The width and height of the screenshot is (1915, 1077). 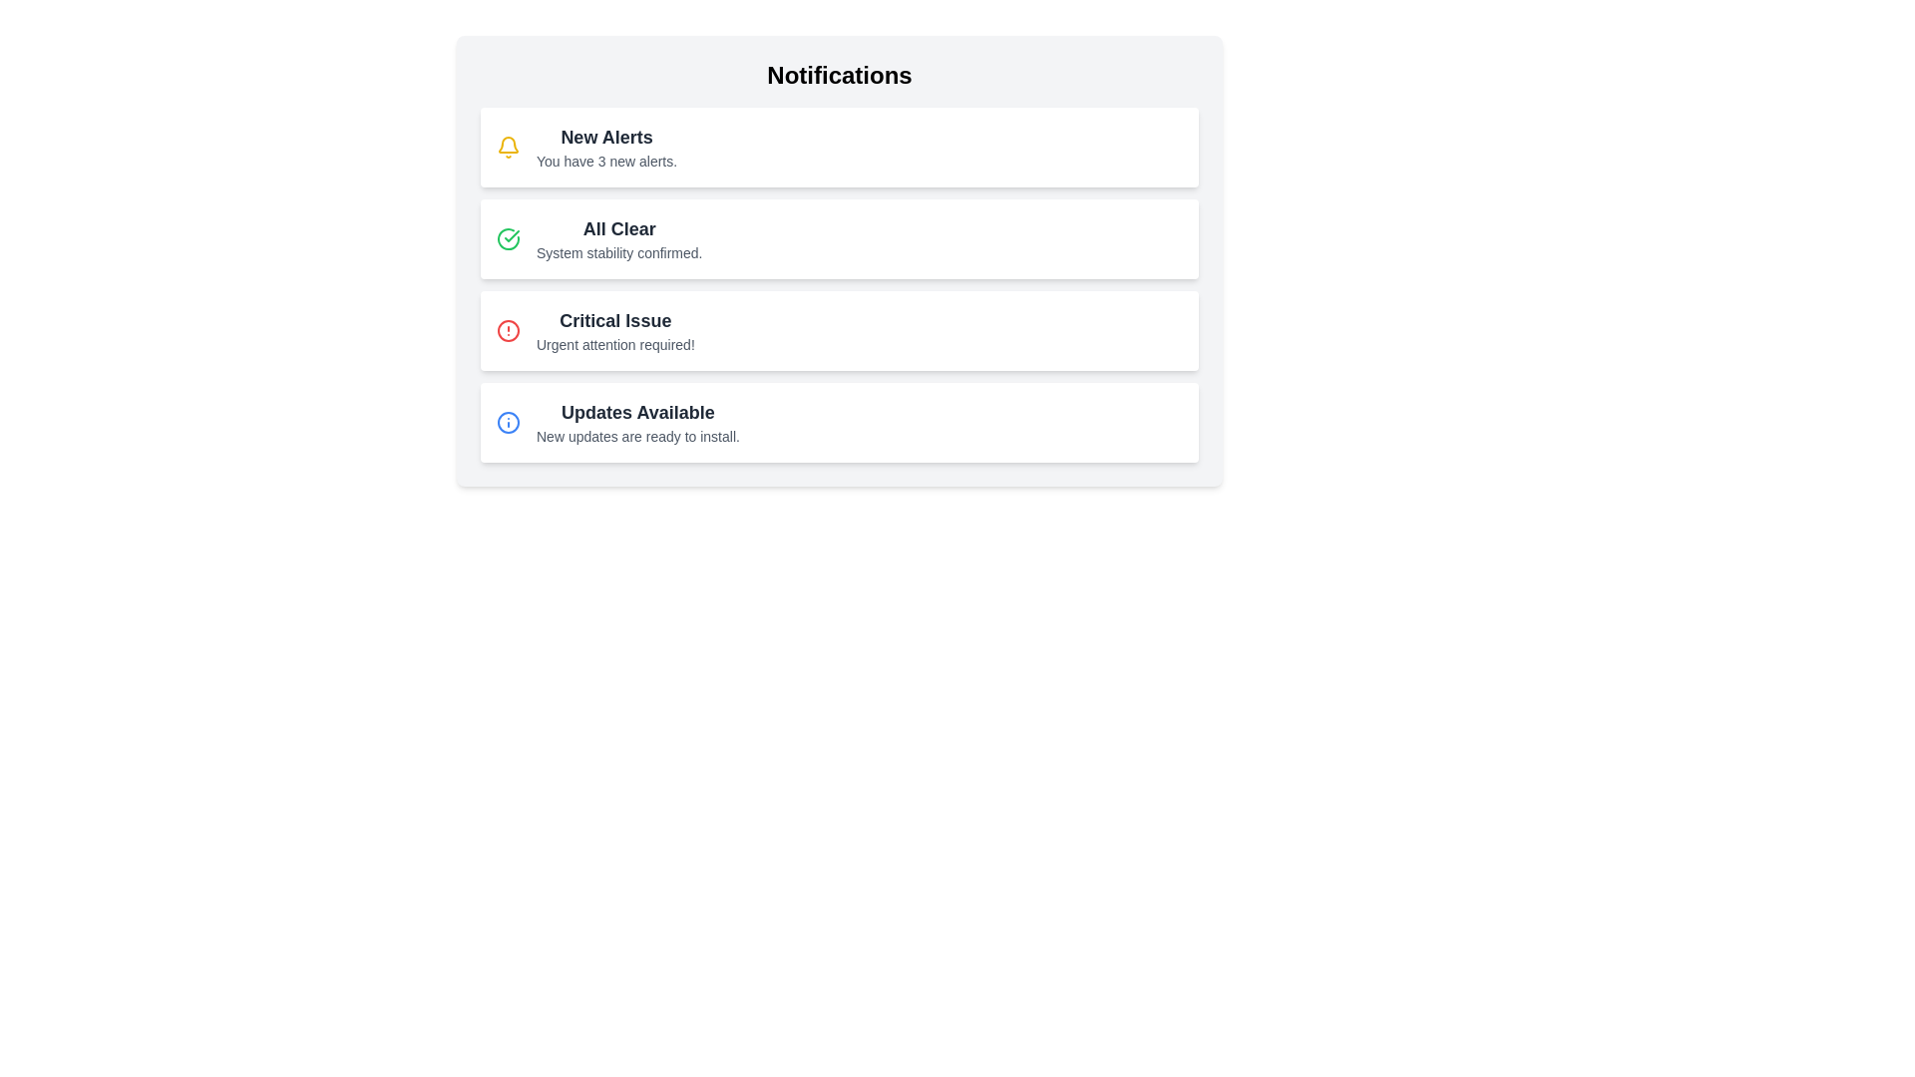 I want to click on the circular icon with a red border located in the 'Critical Issue' notification box, positioned near the left side of the box, so click(x=508, y=329).